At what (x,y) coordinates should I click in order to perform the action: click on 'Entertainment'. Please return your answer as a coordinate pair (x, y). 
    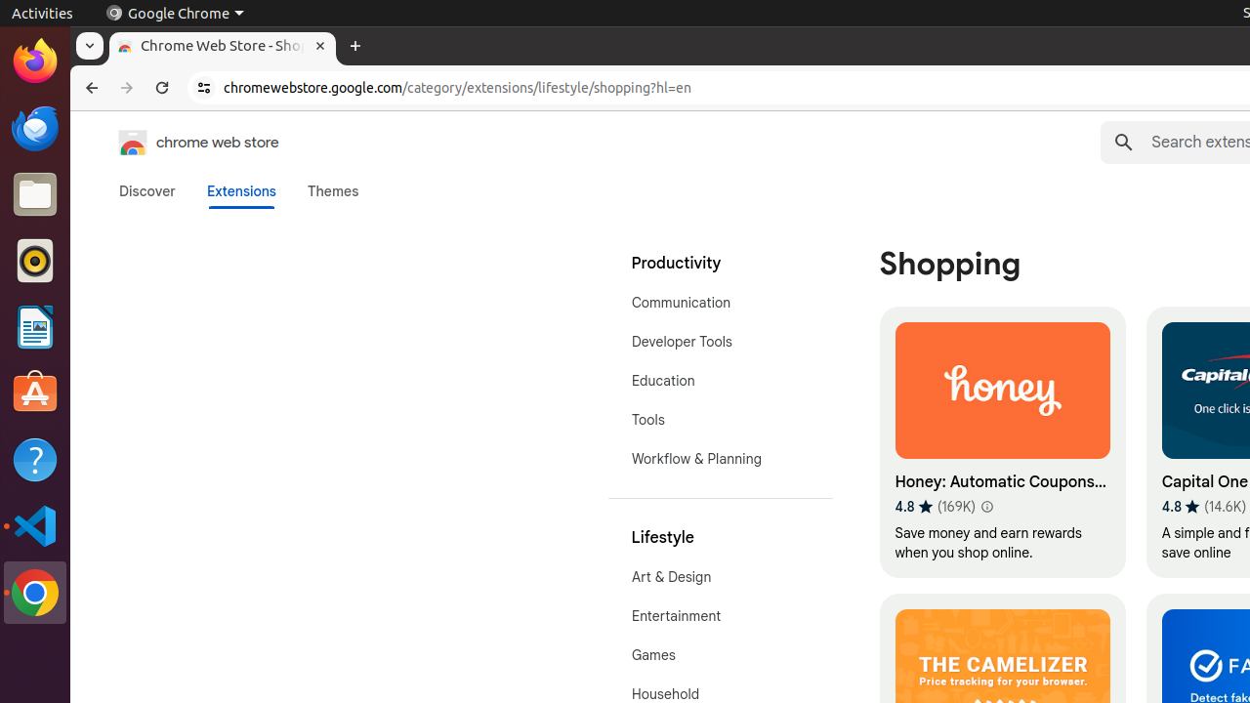
    Looking at the image, I should click on (719, 616).